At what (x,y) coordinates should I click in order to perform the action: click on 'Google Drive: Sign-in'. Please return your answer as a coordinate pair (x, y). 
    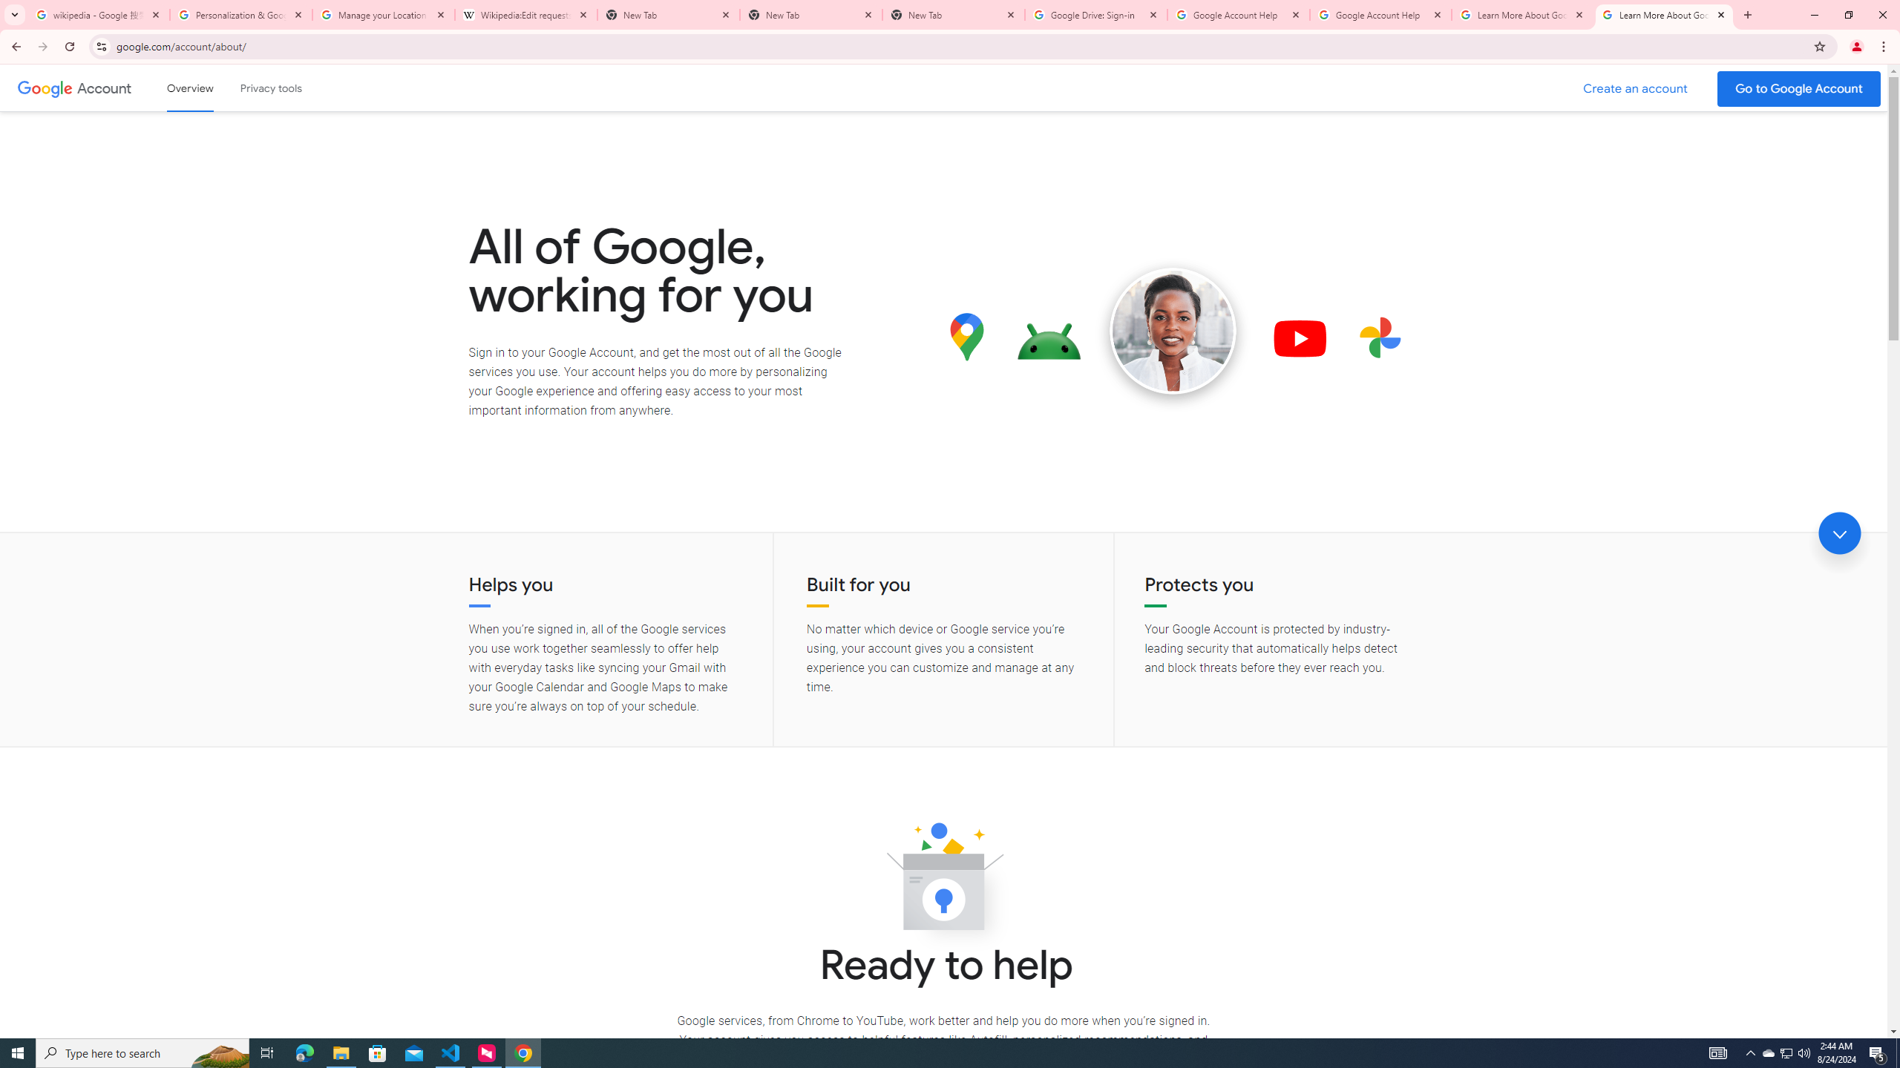
    Looking at the image, I should click on (1095, 14).